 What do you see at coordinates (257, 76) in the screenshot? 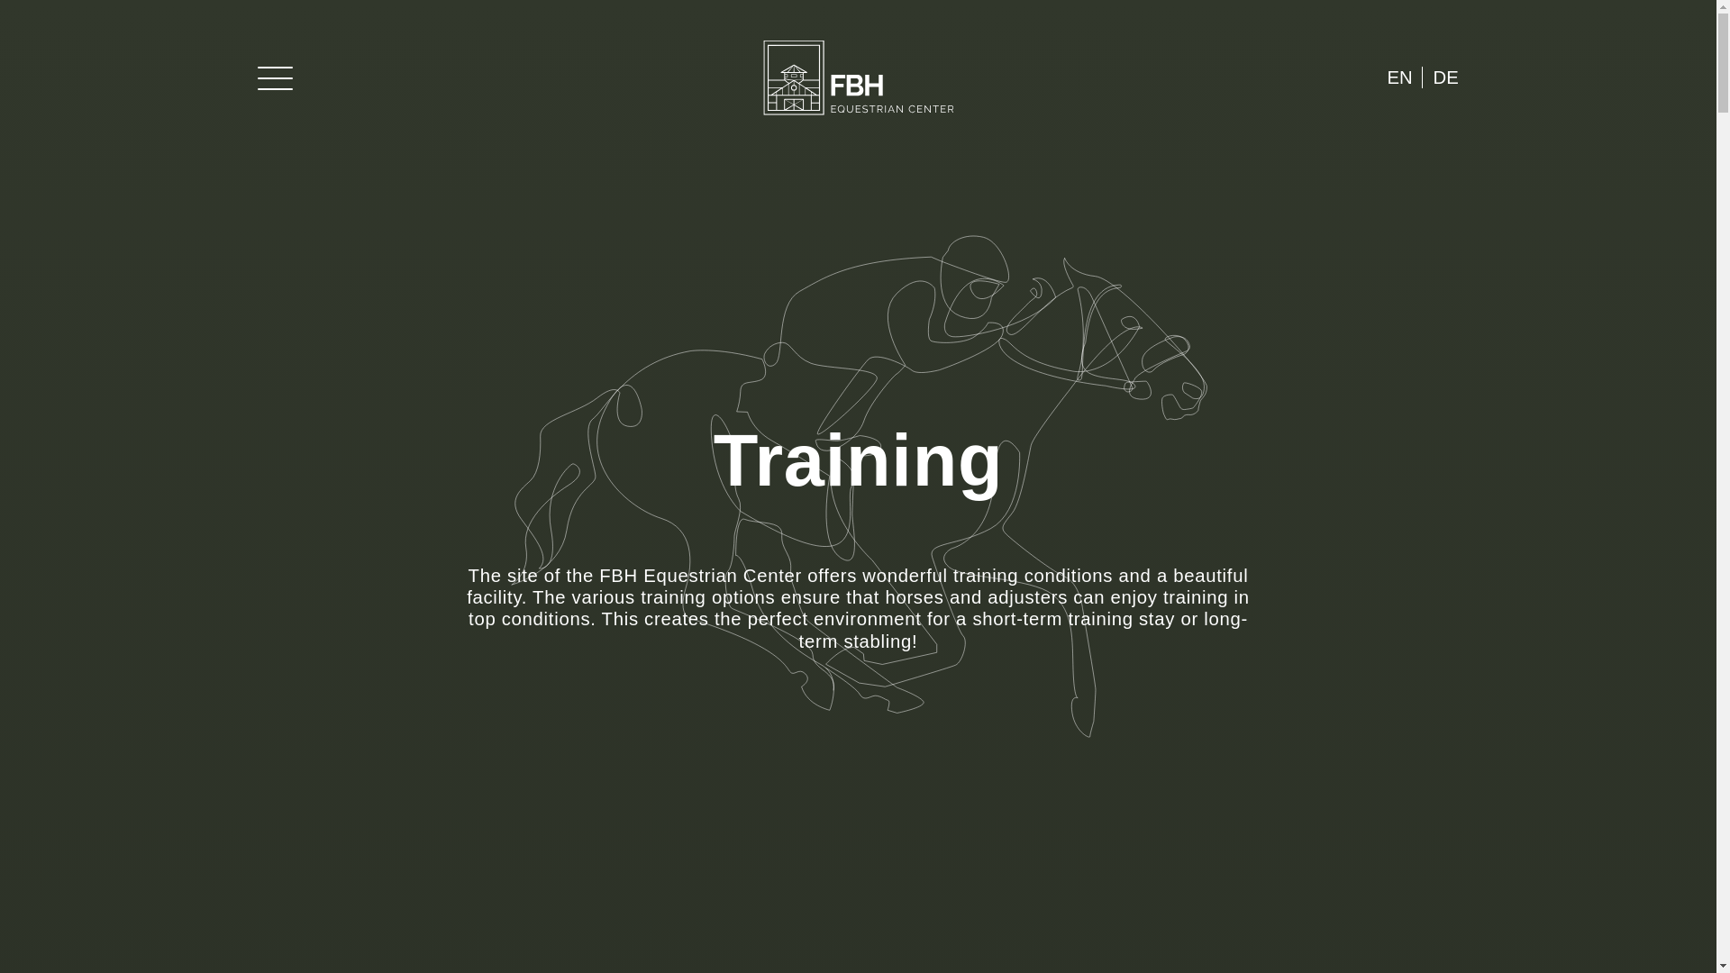
I see `'menu'` at bounding box center [257, 76].